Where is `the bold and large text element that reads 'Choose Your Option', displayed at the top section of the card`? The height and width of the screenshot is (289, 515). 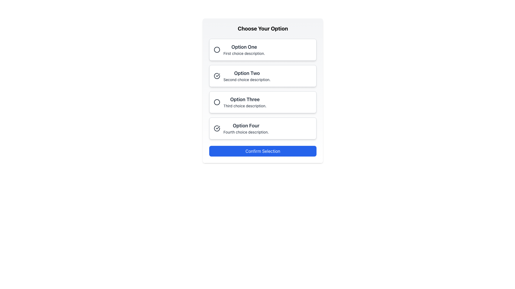
the bold and large text element that reads 'Choose Your Option', displayed at the top section of the card is located at coordinates (263, 29).